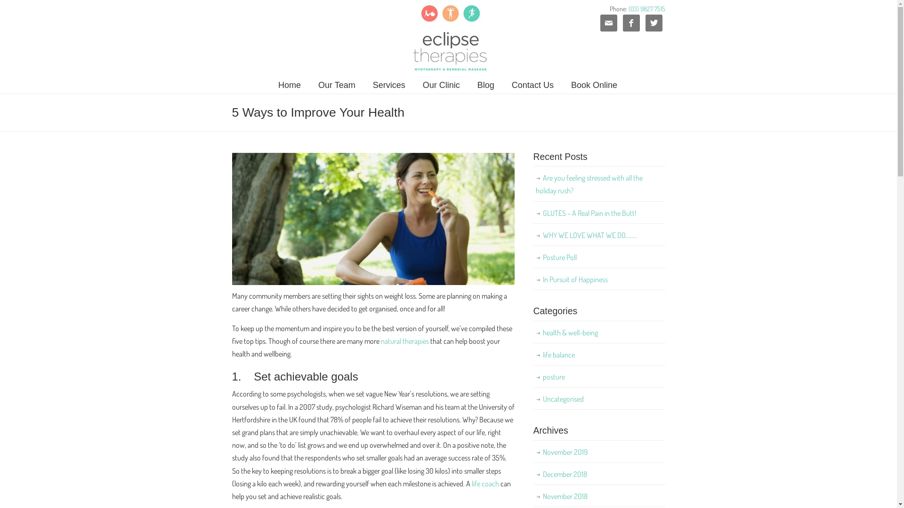 The height and width of the screenshot is (508, 904). I want to click on 'Uncategorised', so click(598, 399).